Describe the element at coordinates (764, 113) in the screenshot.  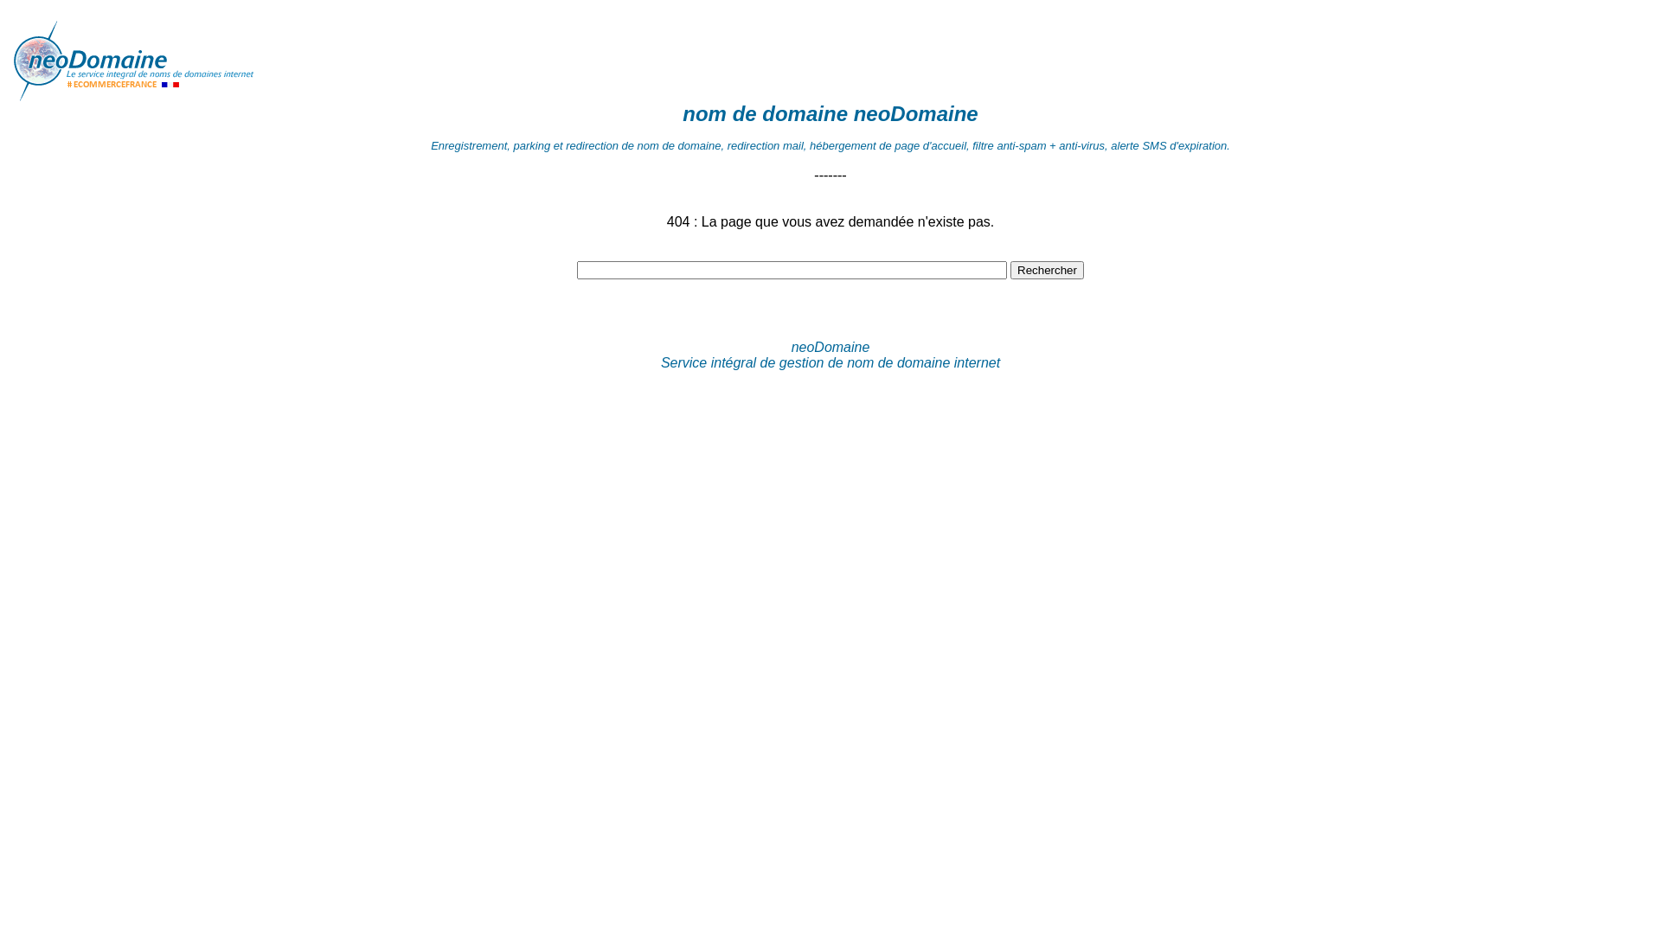
I see `'nom de domaine'` at that location.